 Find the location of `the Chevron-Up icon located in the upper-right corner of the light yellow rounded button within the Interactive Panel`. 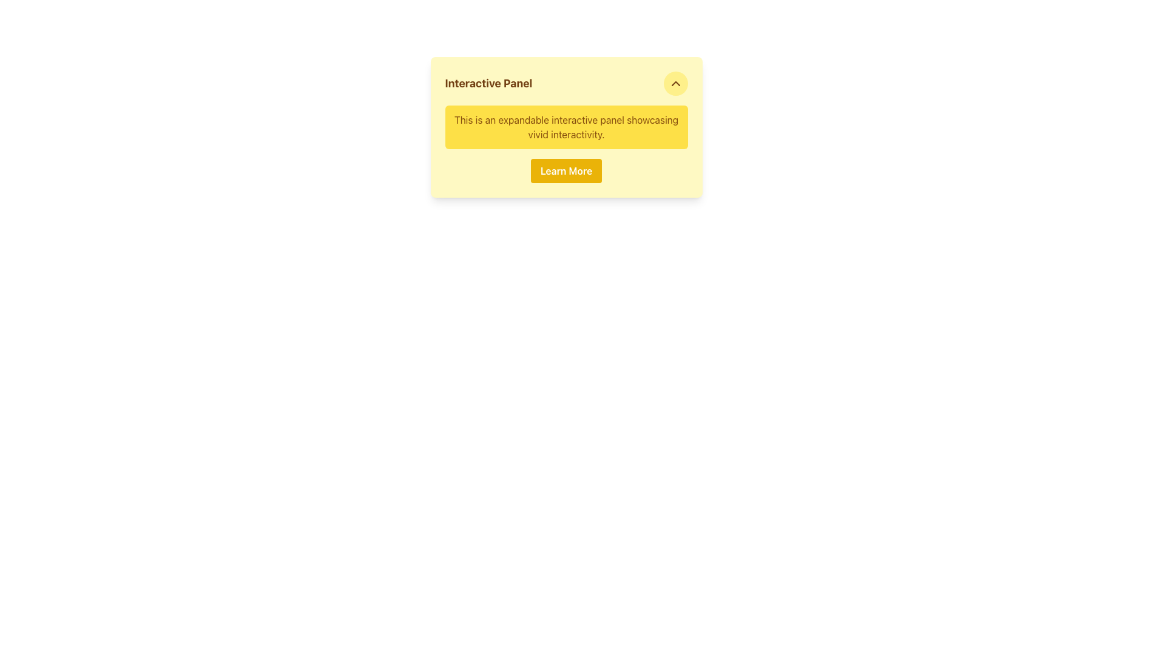

the Chevron-Up icon located in the upper-right corner of the light yellow rounded button within the Interactive Panel is located at coordinates (675, 83).